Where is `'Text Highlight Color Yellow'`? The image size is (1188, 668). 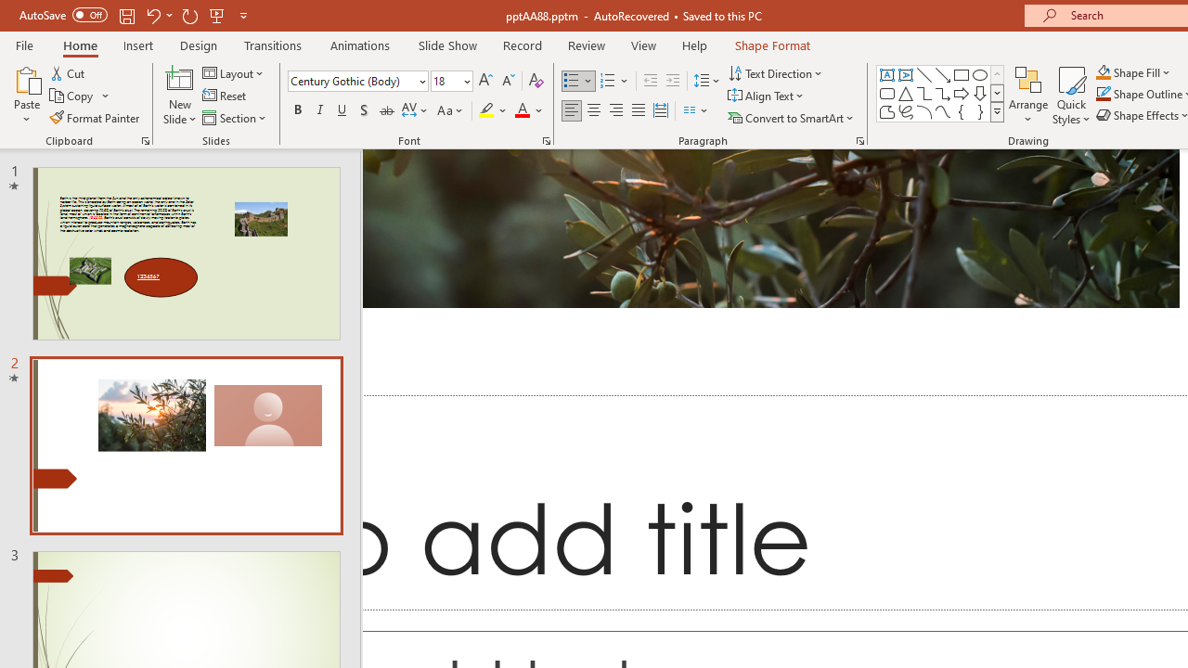 'Text Highlight Color Yellow' is located at coordinates (486, 110).